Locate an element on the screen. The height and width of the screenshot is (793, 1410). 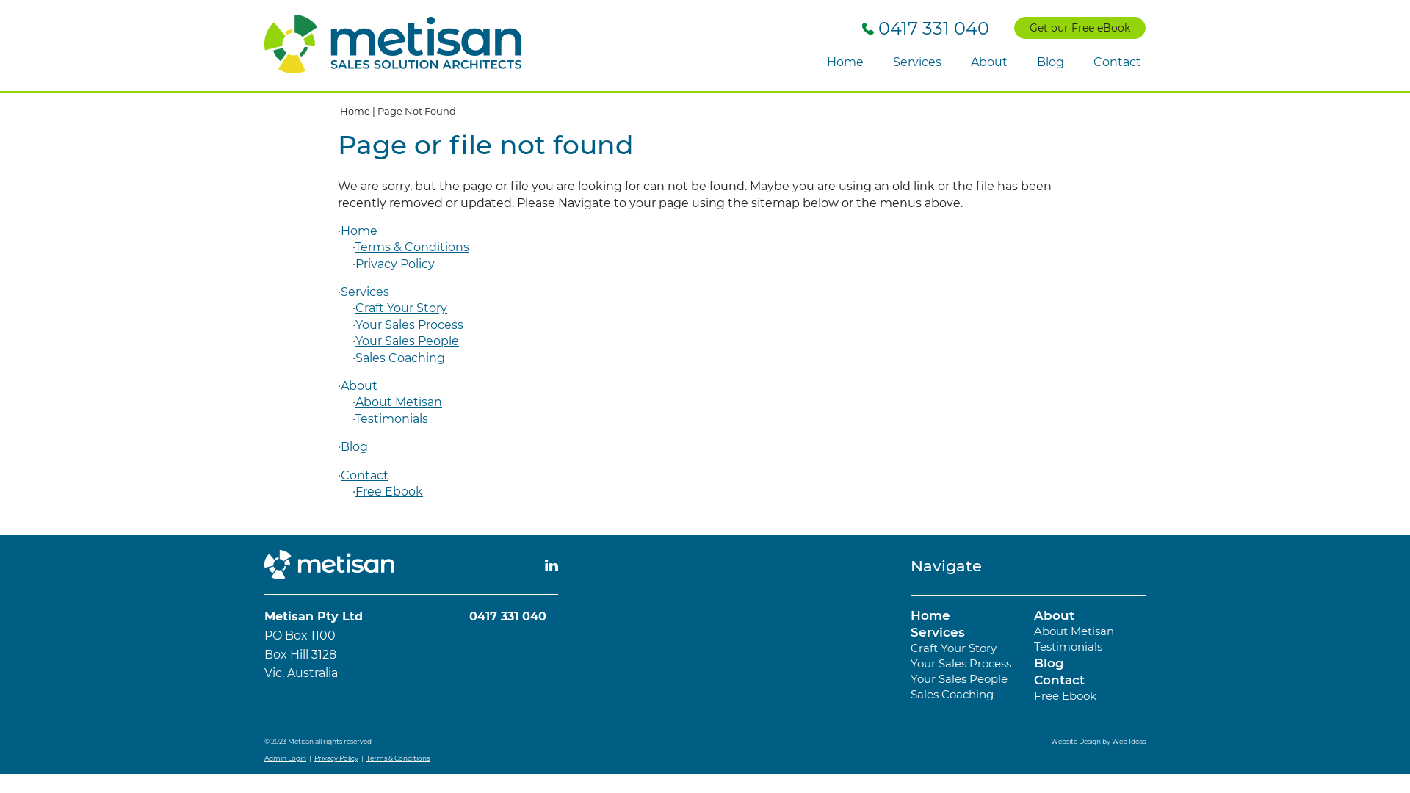
'Admin Login' is located at coordinates (285, 758).